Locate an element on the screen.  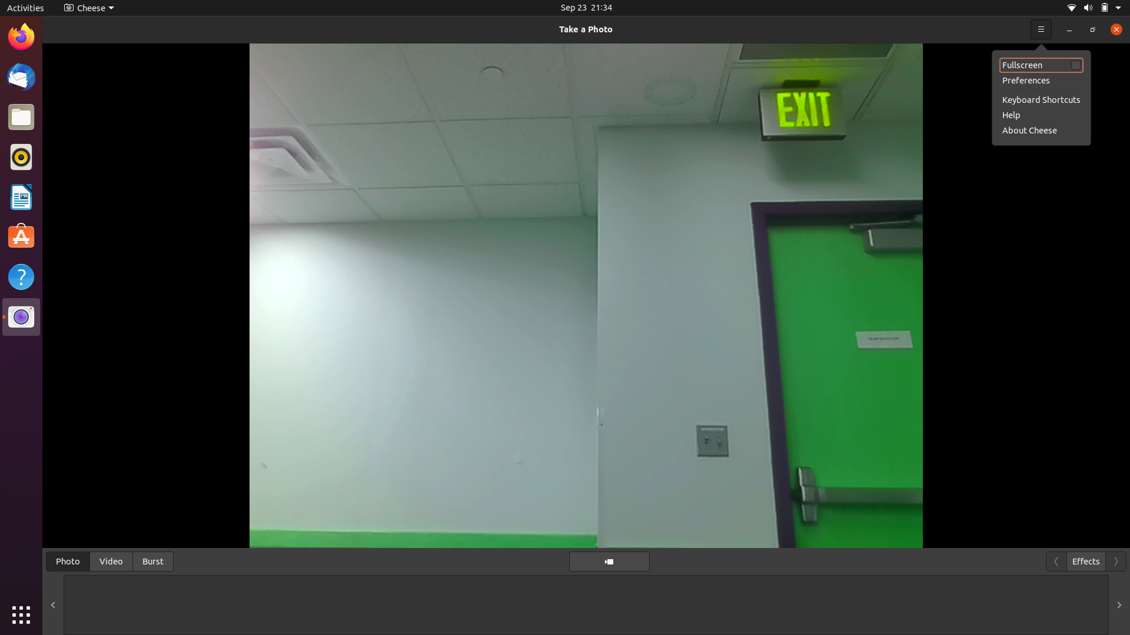
Change camera settings is located at coordinates (86, 7).